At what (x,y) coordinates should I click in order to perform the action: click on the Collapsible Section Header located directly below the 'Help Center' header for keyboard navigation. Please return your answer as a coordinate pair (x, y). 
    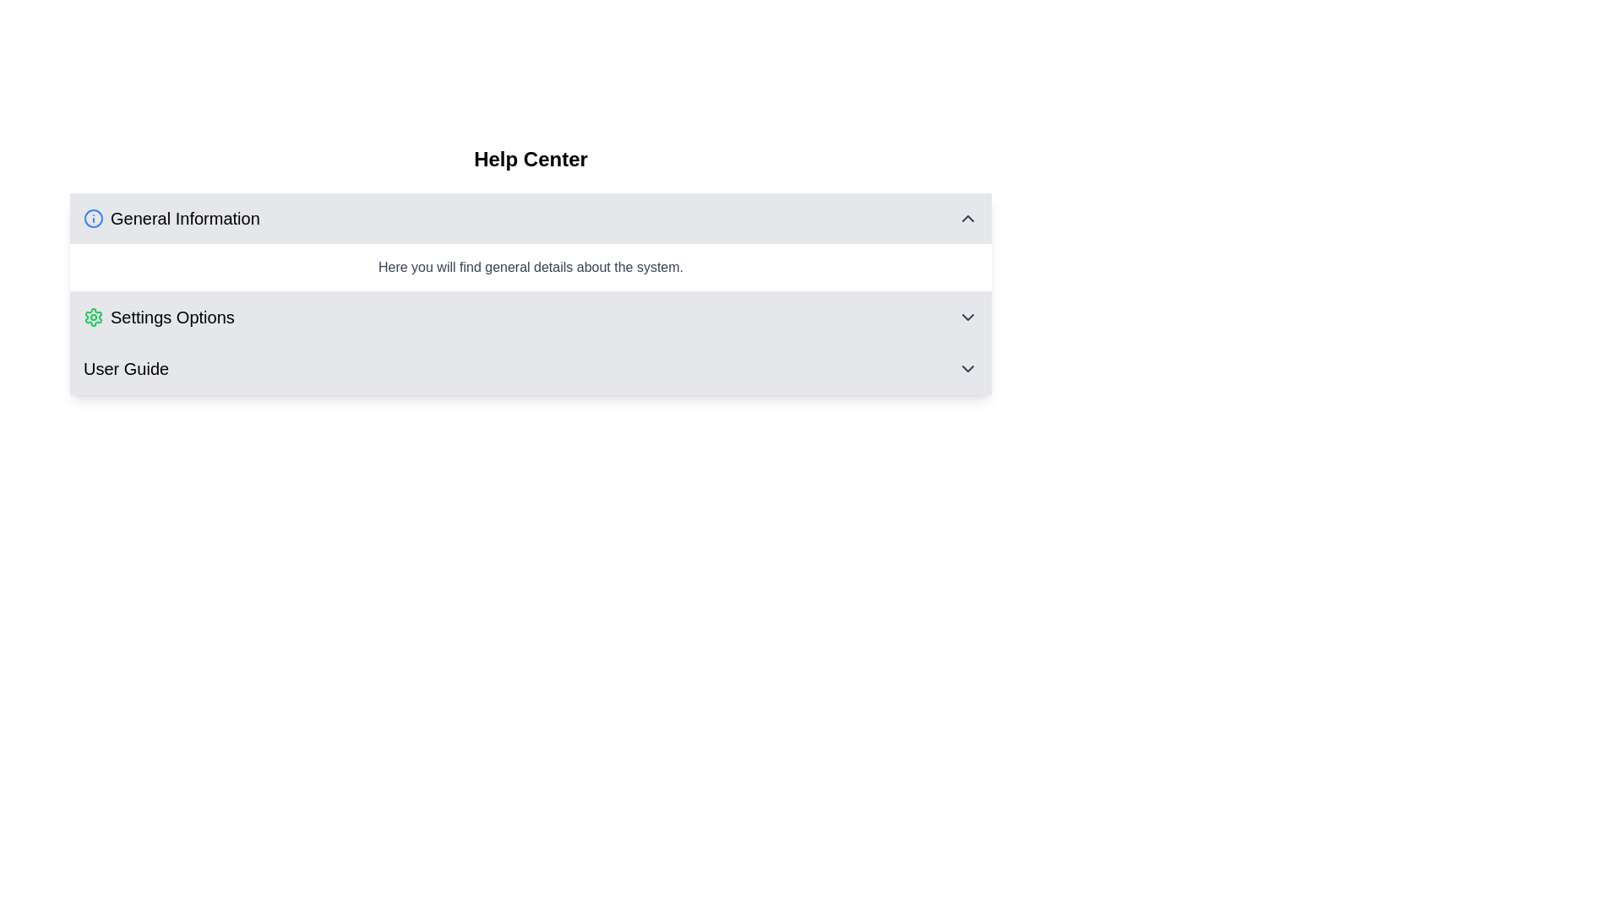
    Looking at the image, I should click on (530, 217).